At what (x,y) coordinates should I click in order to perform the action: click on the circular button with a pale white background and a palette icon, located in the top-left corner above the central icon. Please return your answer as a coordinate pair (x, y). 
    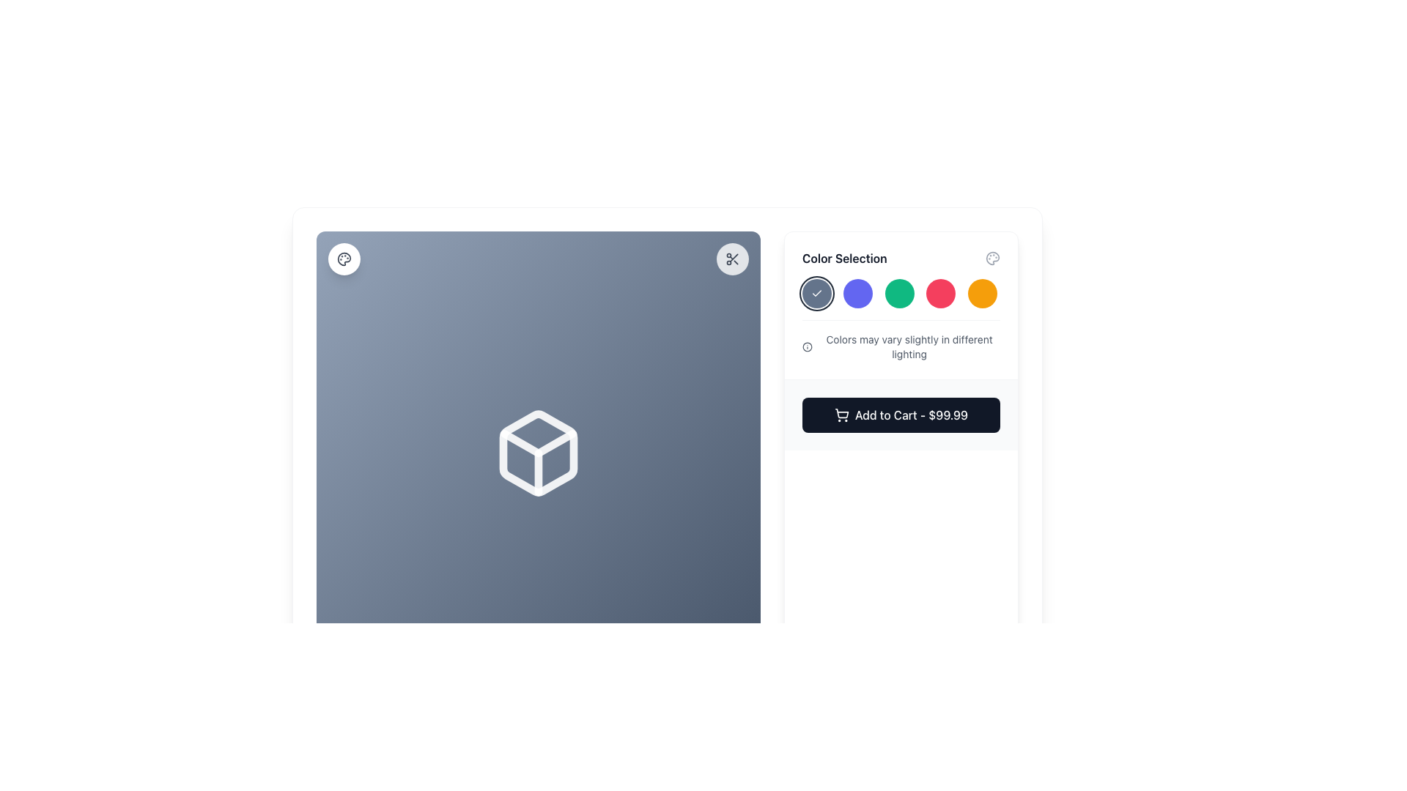
    Looking at the image, I should click on (344, 259).